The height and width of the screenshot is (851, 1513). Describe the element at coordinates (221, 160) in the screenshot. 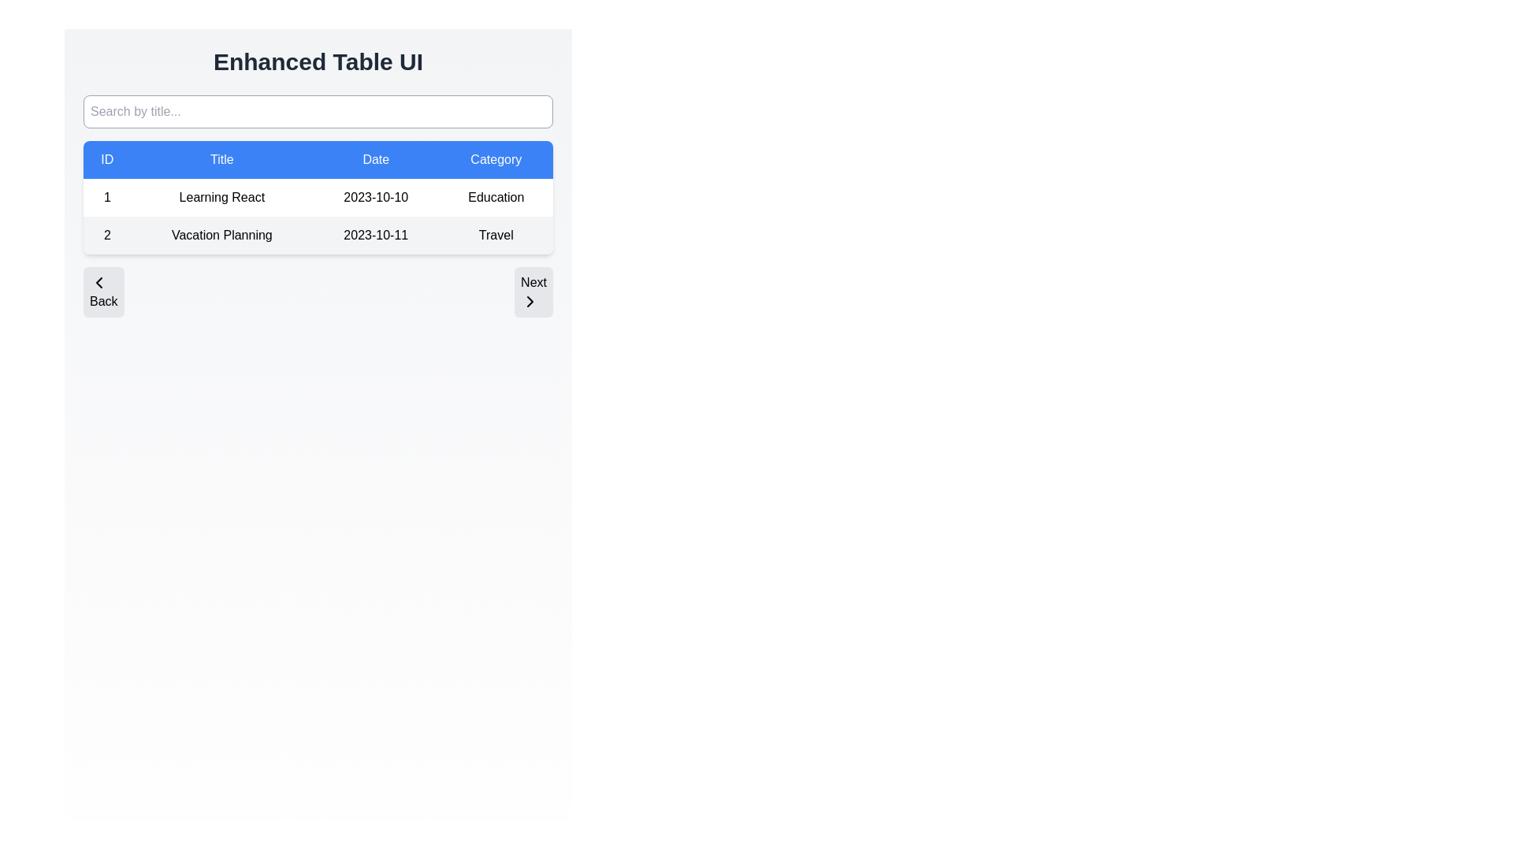

I see `the Table Header Field labeled 'Title', which is the second item in the header row of the table, styled with a blue background` at that location.